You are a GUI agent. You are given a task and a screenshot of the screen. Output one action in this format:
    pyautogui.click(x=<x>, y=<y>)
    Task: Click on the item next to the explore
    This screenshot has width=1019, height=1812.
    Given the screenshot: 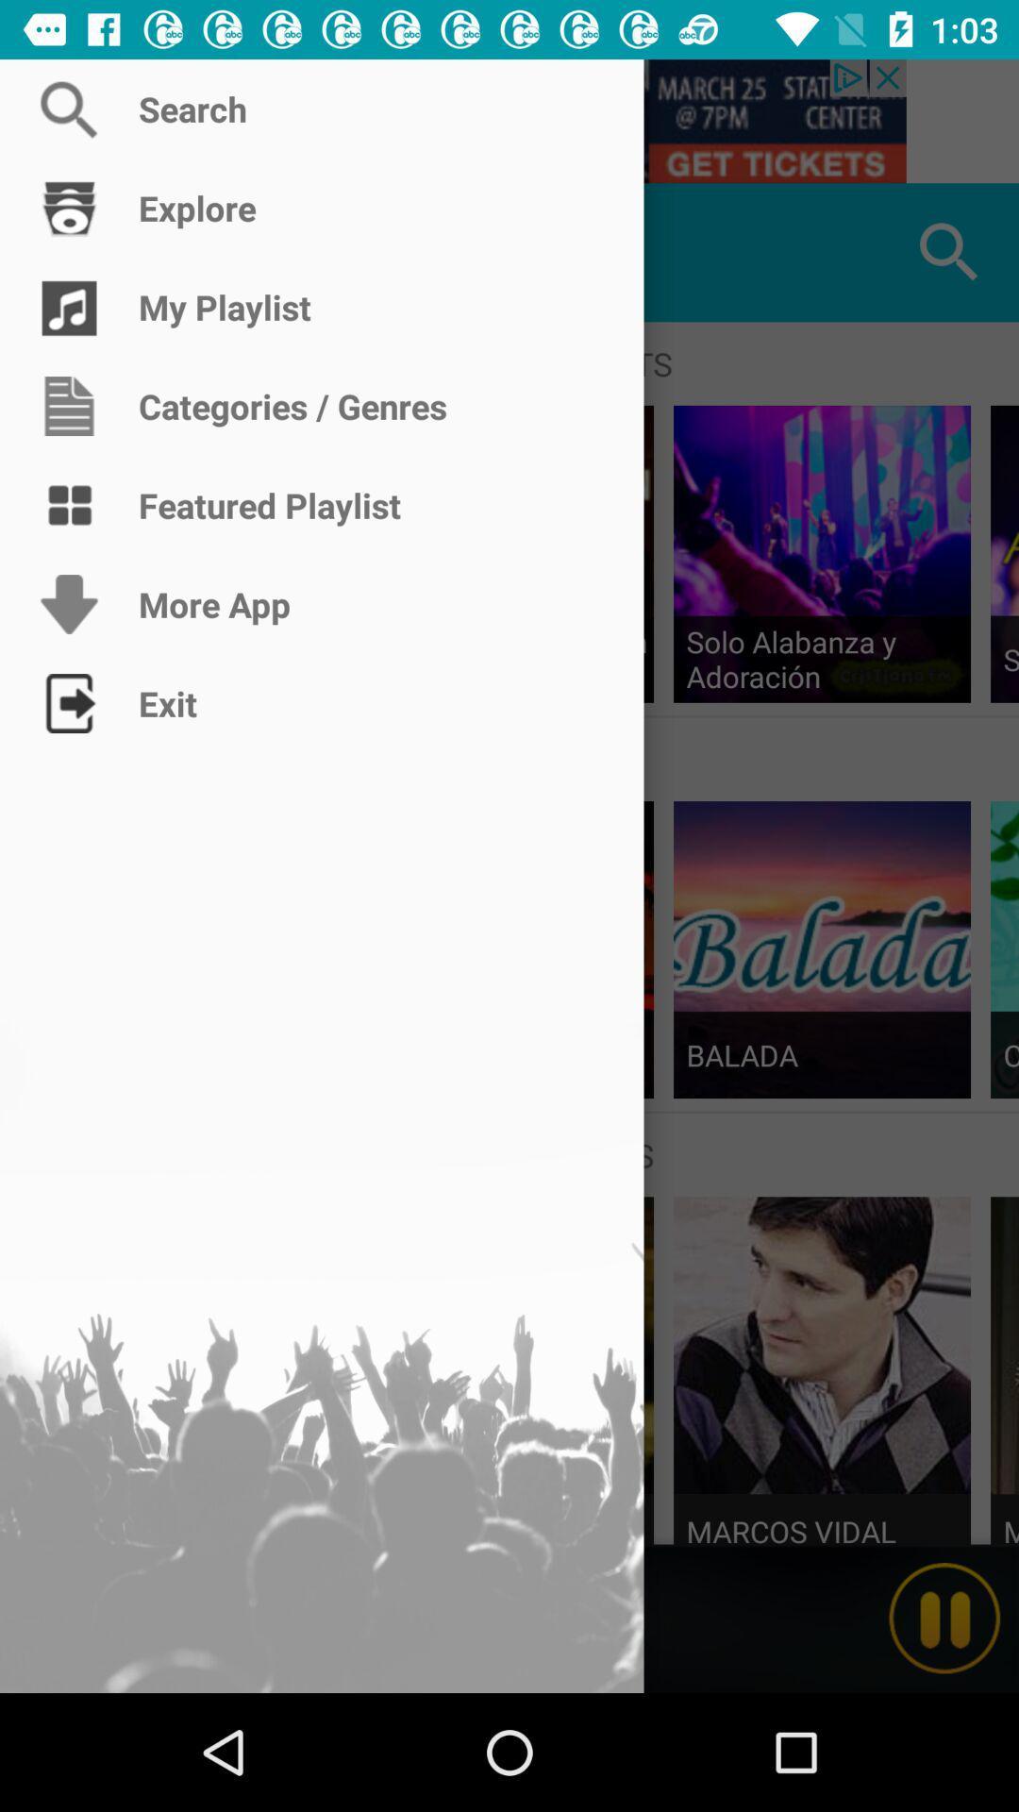 What is the action you would take?
    pyautogui.click(x=68, y=251)
    